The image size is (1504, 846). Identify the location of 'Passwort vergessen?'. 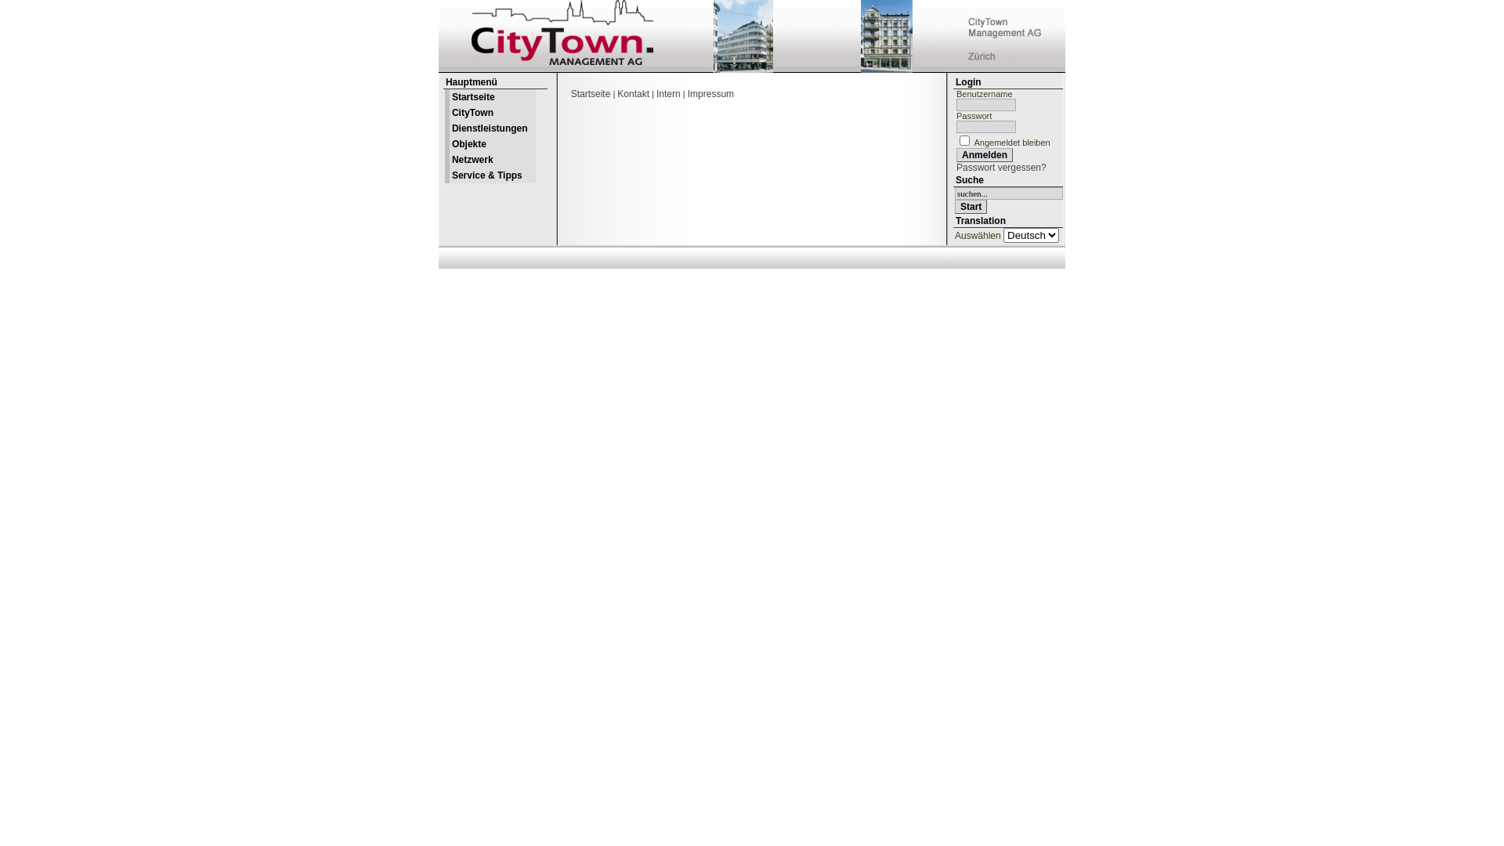
(1000, 167).